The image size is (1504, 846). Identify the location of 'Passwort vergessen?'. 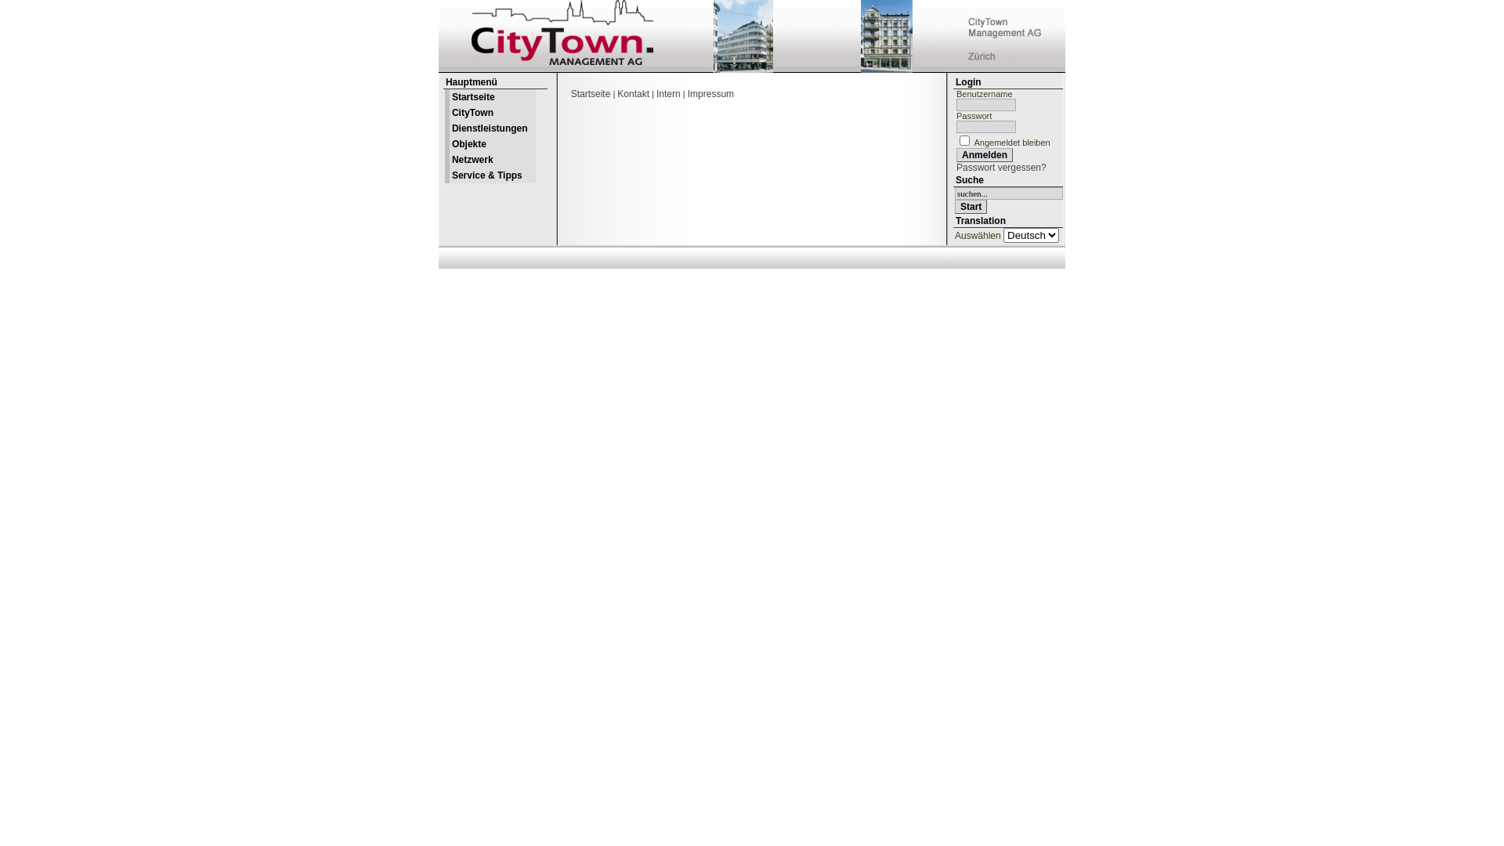
(1000, 167).